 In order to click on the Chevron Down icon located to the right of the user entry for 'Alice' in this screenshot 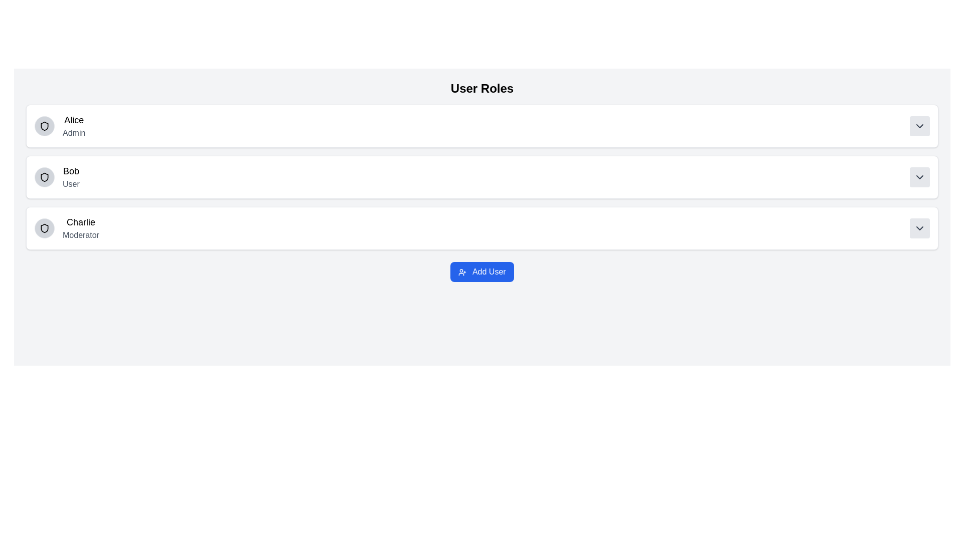, I will do `click(919, 125)`.